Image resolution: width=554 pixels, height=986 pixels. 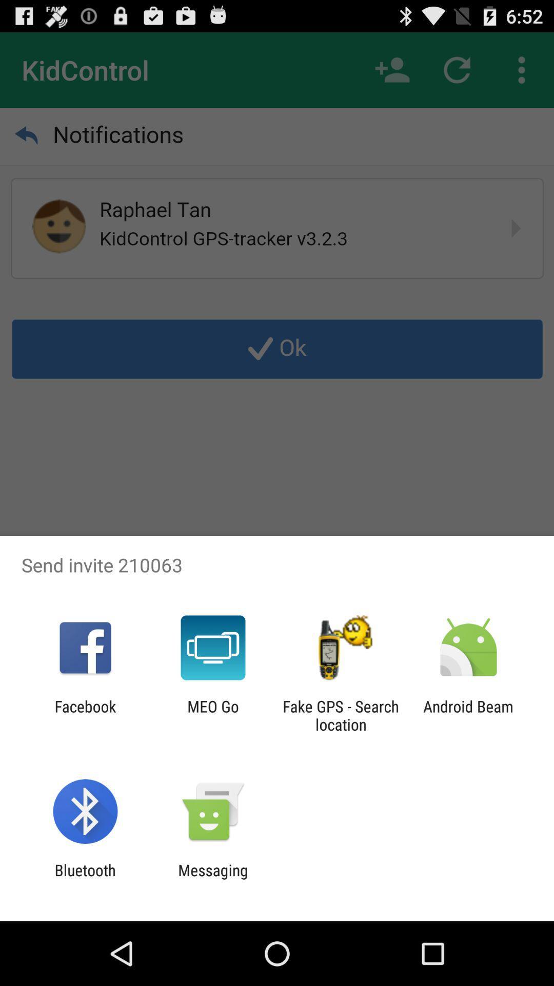 I want to click on the item to the left of the fake gps search item, so click(x=212, y=715).